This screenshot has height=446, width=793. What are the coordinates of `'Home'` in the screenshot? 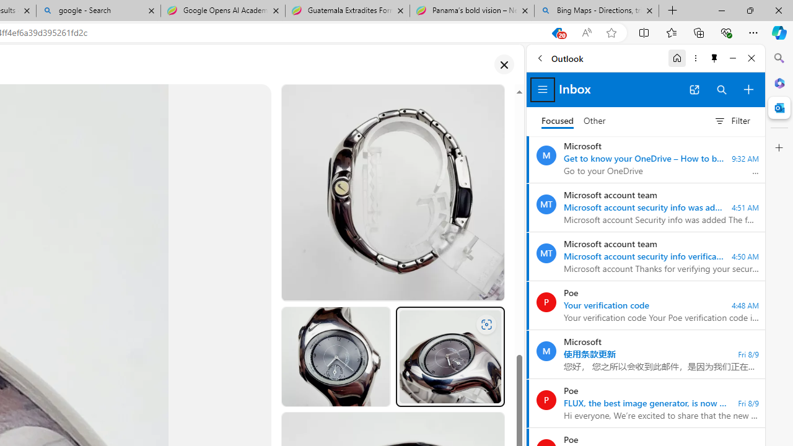 It's located at (677, 58).